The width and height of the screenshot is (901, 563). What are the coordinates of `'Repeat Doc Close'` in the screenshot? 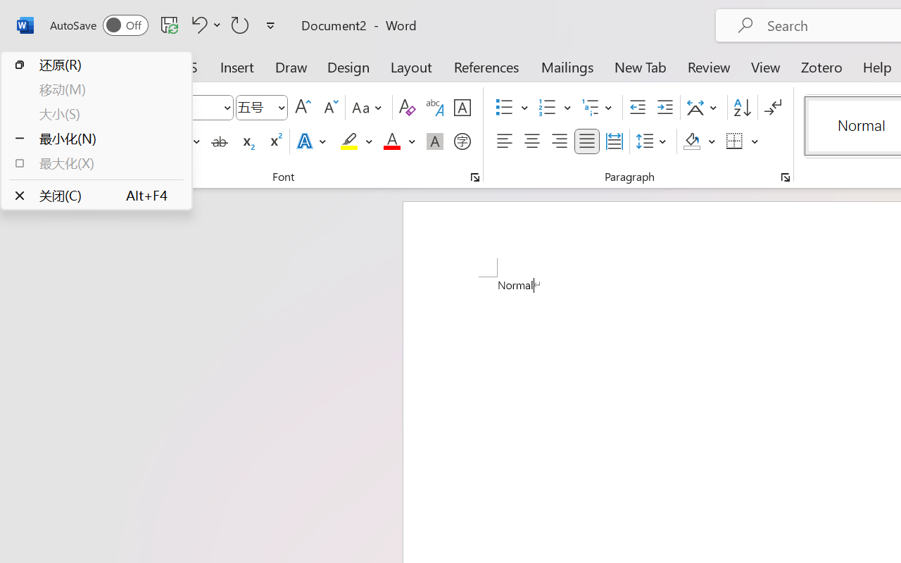 It's located at (240, 24).